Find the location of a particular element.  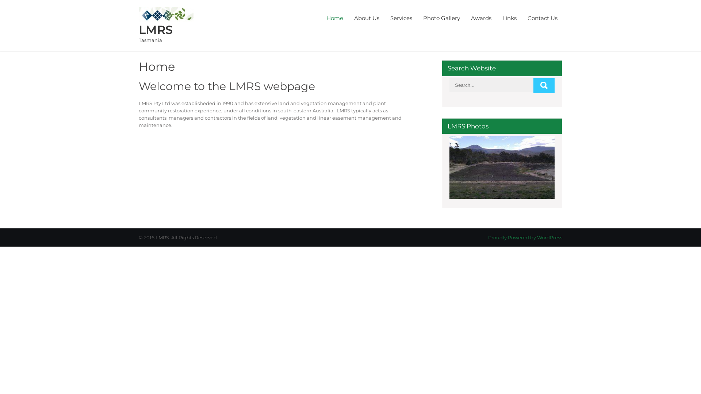

'Search' is located at coordinates (544, 85).